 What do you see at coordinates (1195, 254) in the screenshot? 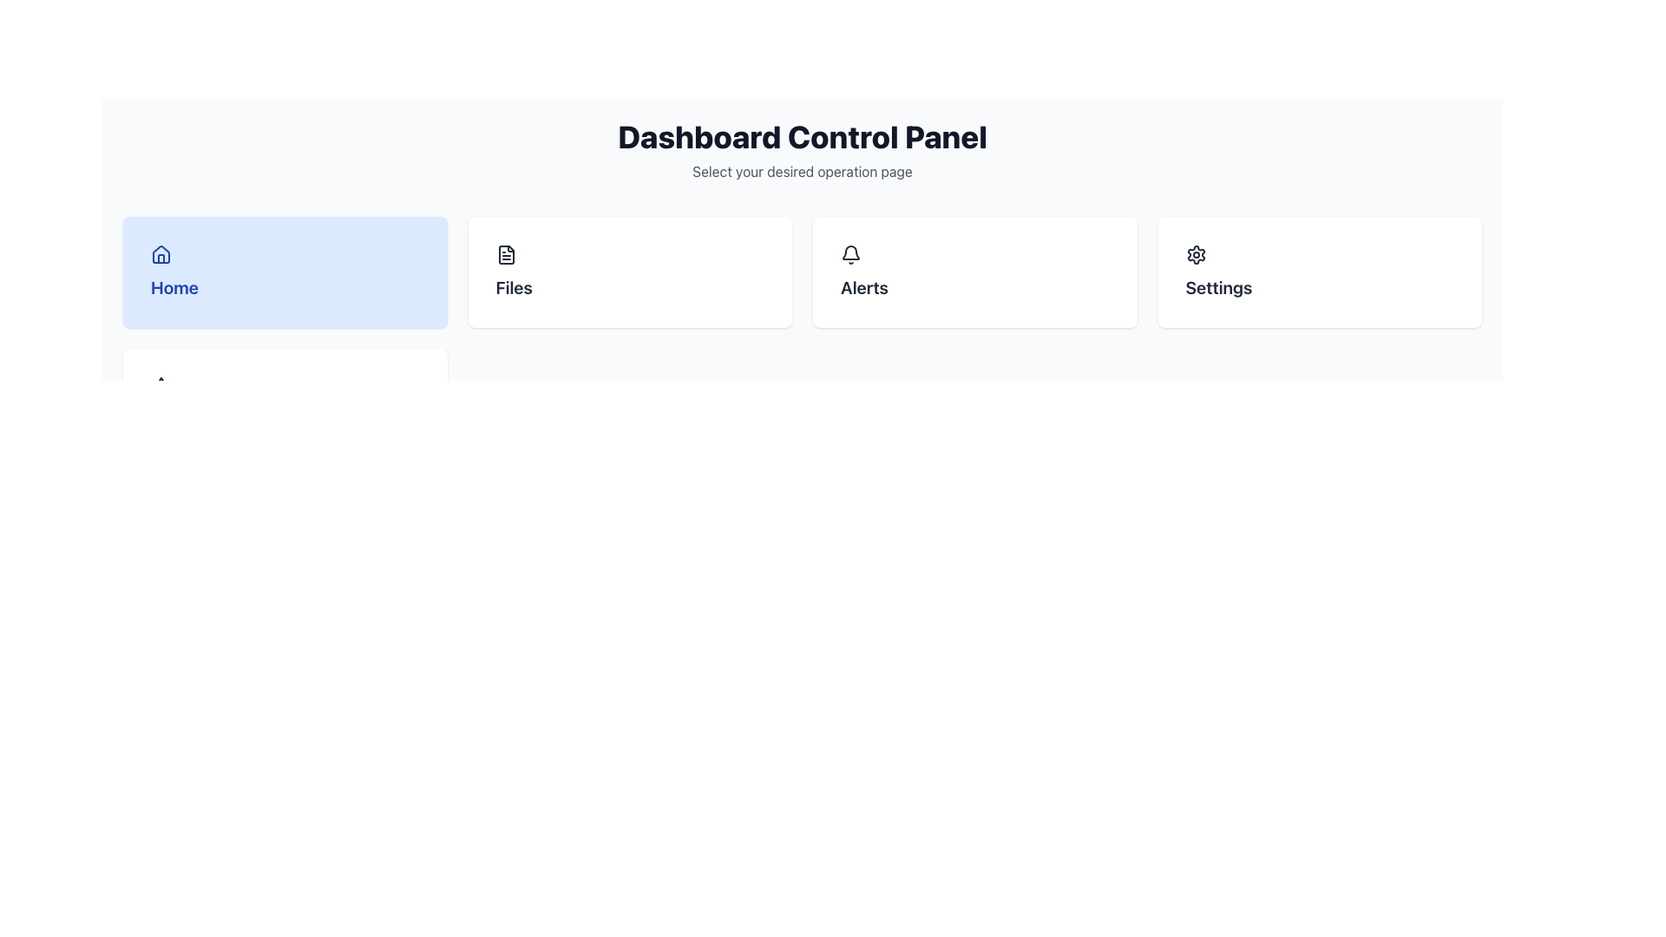
I see `the gear icon in the 'Settings' panel, located on the far right of the main interactive dashboard, which indicates options or configurations related to the application` at bounding box center [1195, 254].